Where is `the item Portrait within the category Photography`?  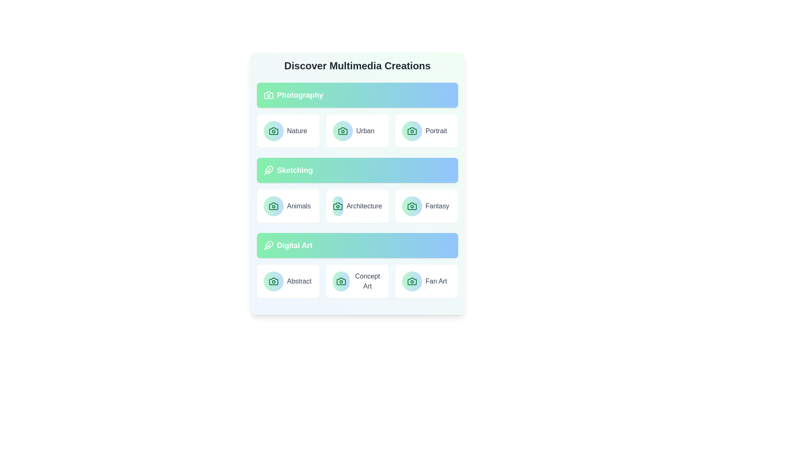 the item Portrait within the category Photography is located at coordinates (426, 131).